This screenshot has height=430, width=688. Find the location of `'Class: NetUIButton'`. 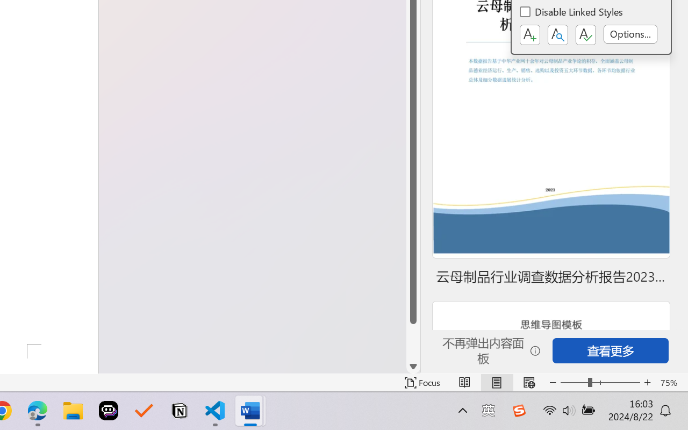

'Class: NetUIButton' is located at coordinates (585, 34).